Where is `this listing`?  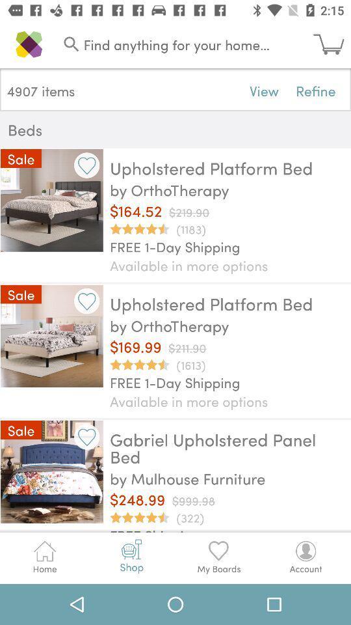 this listing is located at coordinates (86, 165).